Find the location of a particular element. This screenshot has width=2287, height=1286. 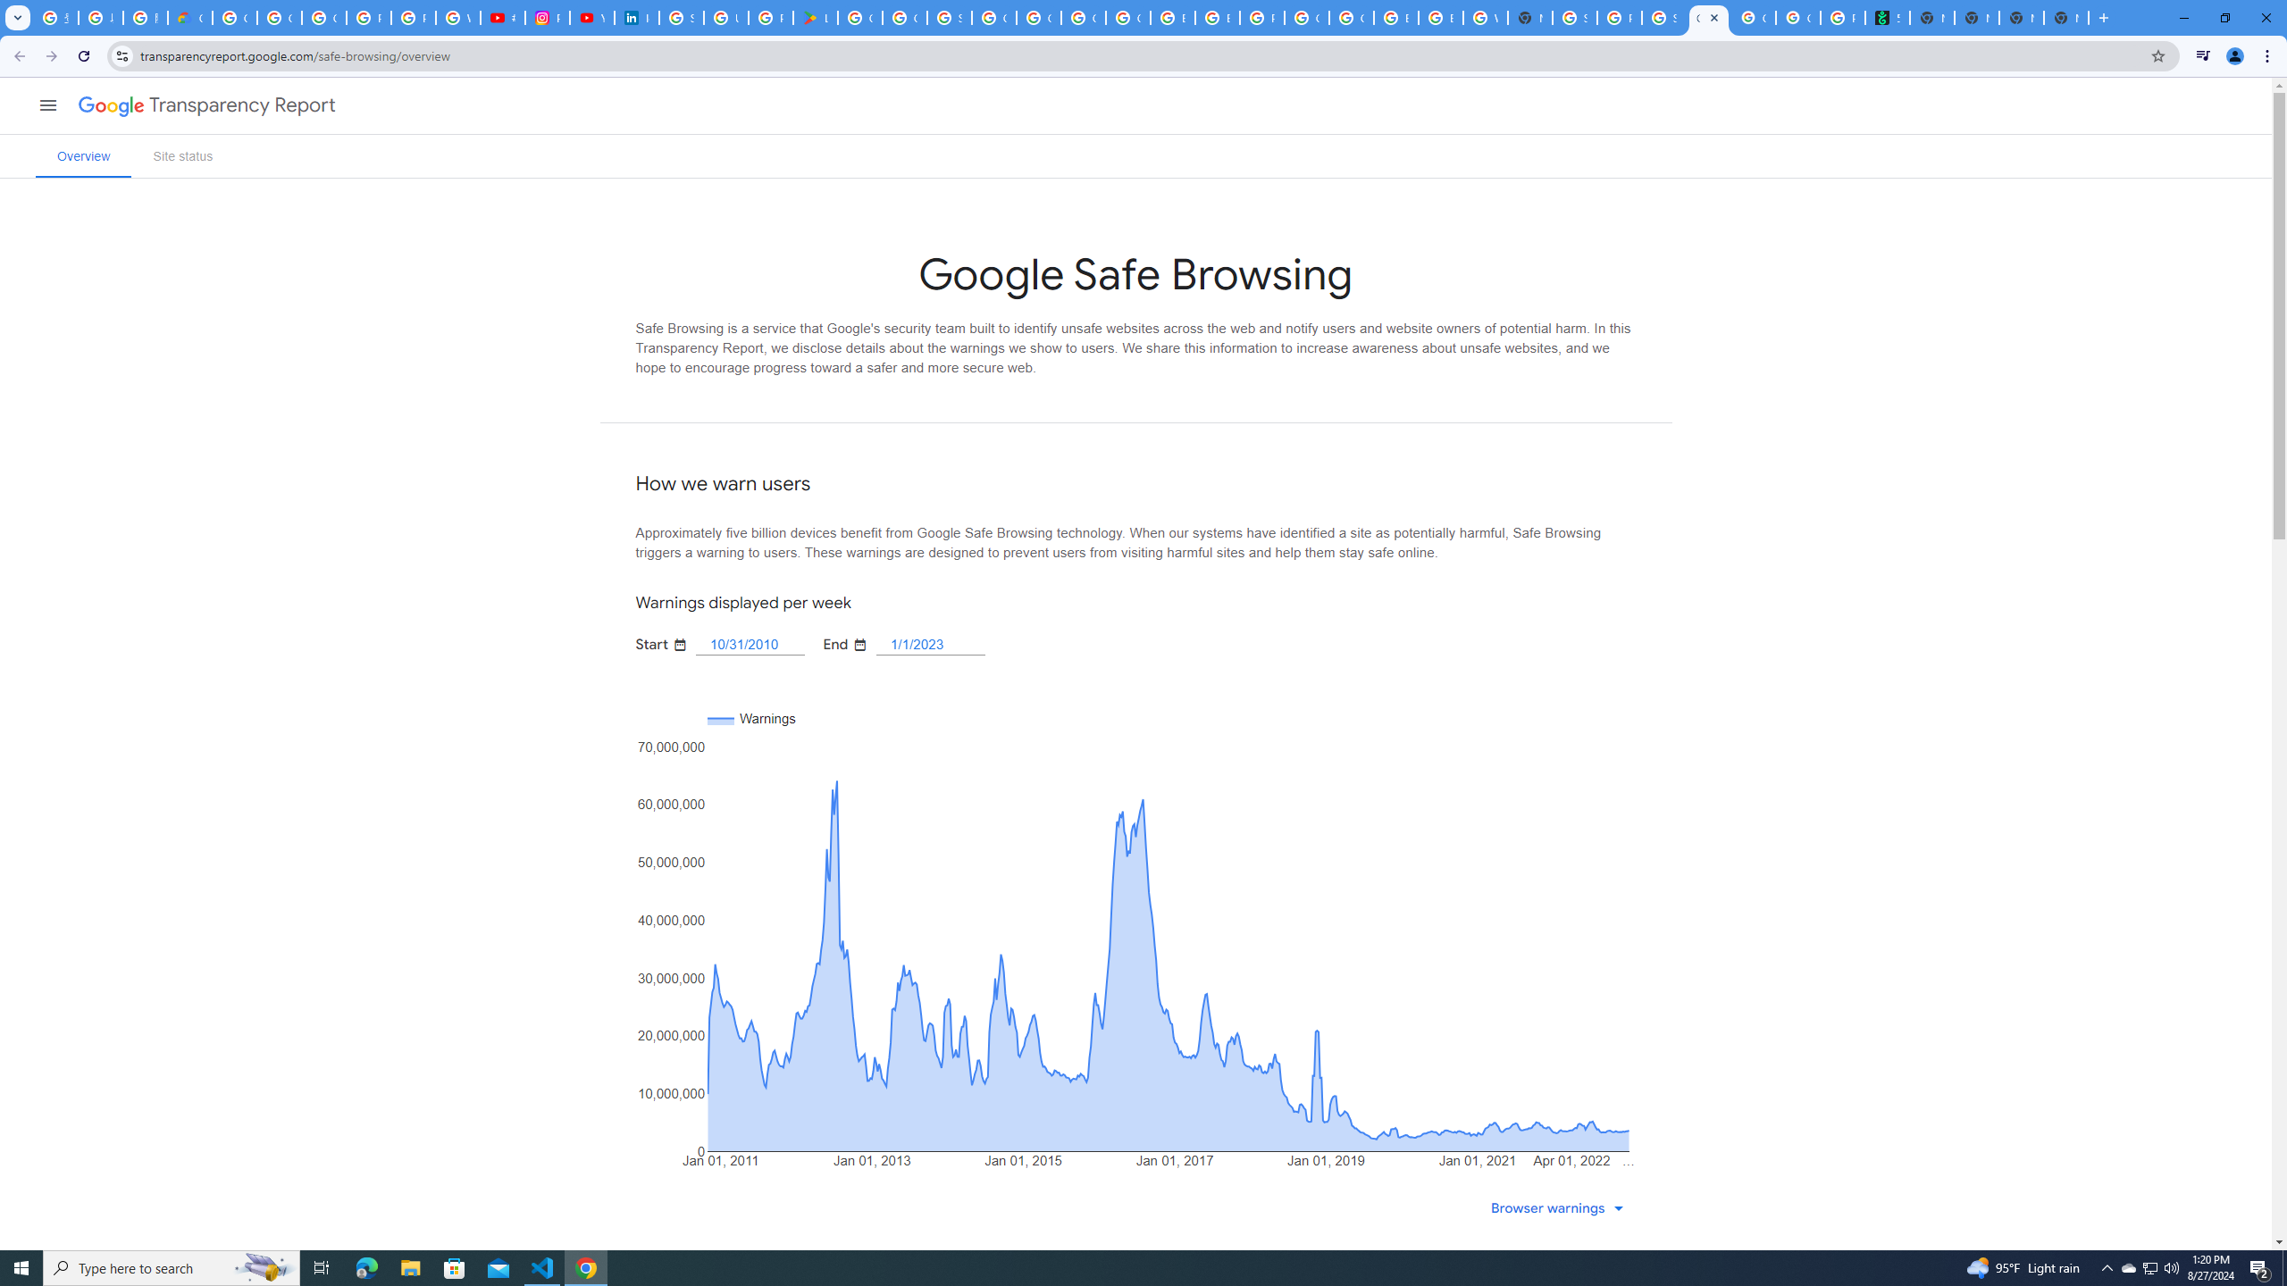

'Transparency Report' is located at coordinates (241, 105).